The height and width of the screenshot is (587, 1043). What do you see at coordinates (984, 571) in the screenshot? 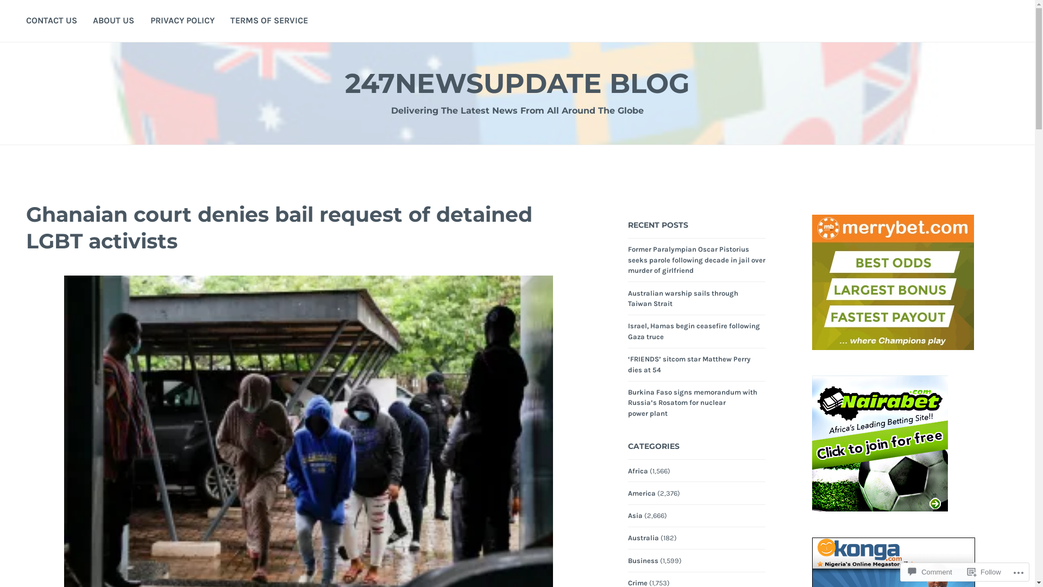
I see `'Follow'` at bounding box center [984, 571].